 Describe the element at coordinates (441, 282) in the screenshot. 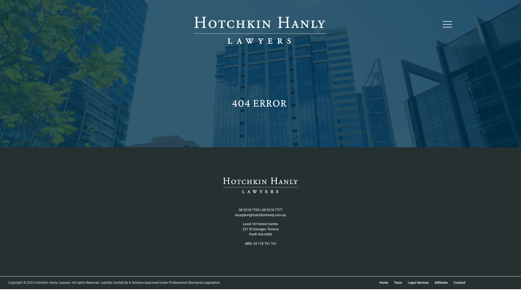

I see `'Affiliates'` at that location.